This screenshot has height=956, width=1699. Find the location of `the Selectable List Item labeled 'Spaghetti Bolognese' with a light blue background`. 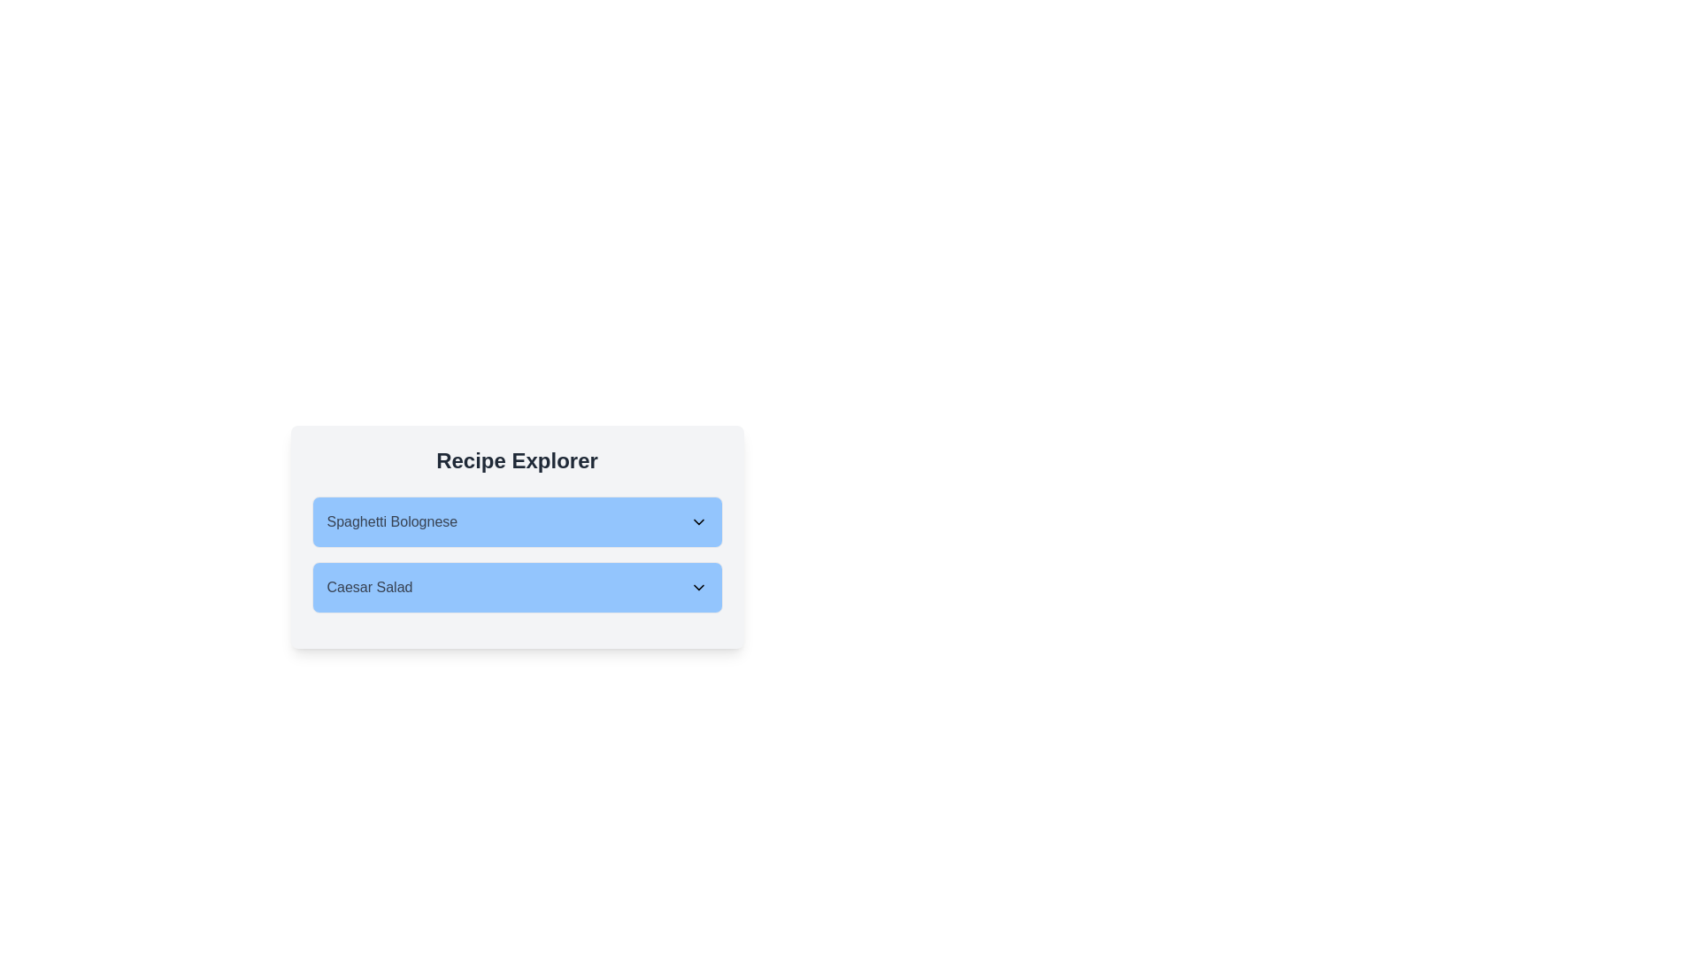

the Selectable List Item labeled 'Spaghetti Bolognese' with a light blue background is located at coordinates (516, 521).